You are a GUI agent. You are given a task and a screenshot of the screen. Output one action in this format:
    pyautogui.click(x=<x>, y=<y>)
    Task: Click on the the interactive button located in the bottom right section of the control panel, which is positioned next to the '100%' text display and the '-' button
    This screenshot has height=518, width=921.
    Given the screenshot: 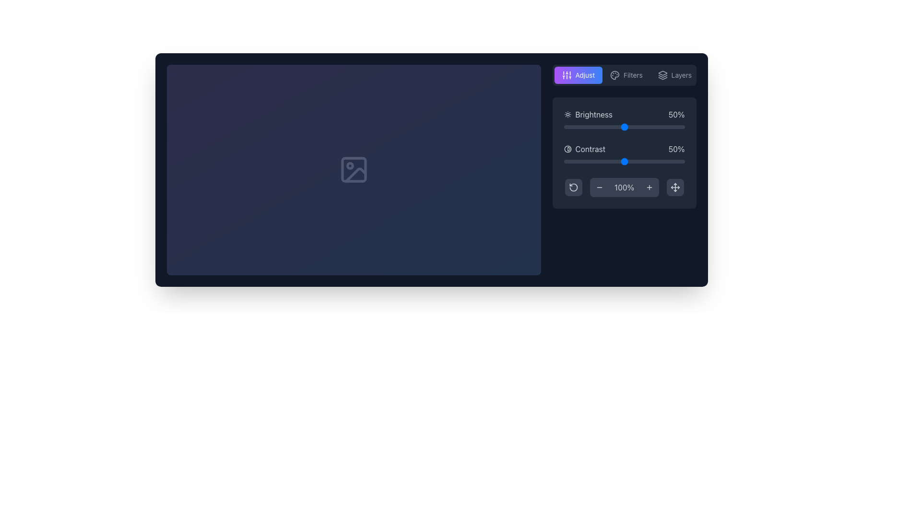 What is the action you would take?
    pyautogui.click(x=649, y=187)
    